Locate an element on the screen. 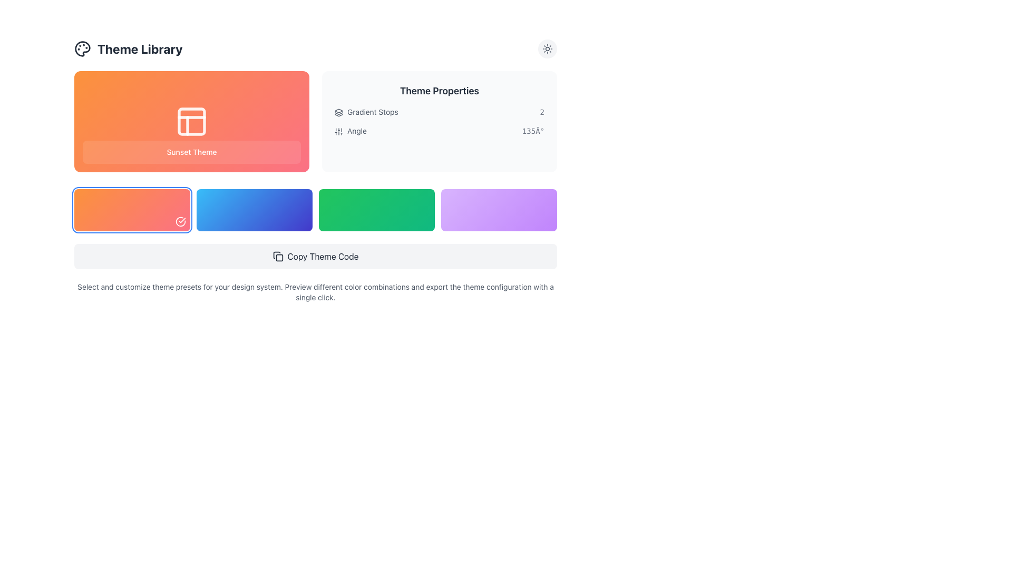 The width and height of the screenshot is (1012, 569). the icon resembling a stack of three layers, located next to the text 'Gradient Stops' in the 'Theme Properties' section is located at coordinates (339, 112).